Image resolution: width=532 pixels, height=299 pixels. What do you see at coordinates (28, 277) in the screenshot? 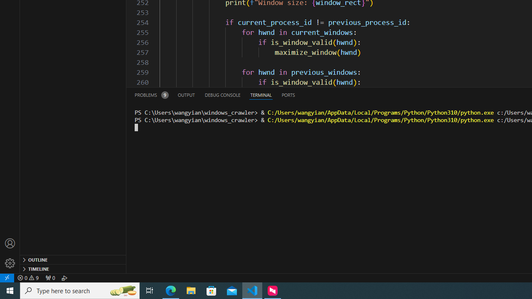
I see `'Warnings: 9'` at bounding box center [28, 277].